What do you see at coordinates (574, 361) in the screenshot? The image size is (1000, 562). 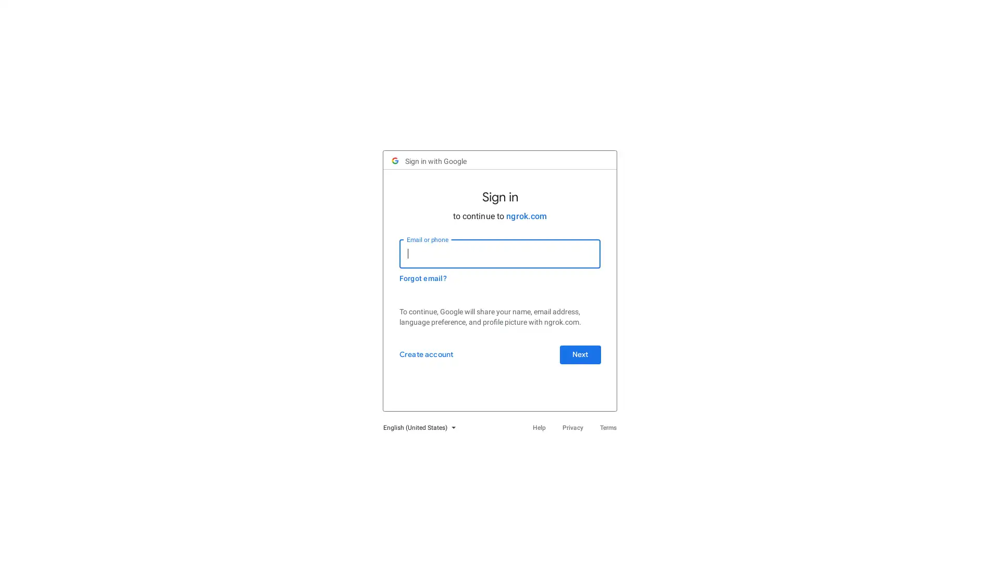 I see `Next` at bounding box center [574, 361].